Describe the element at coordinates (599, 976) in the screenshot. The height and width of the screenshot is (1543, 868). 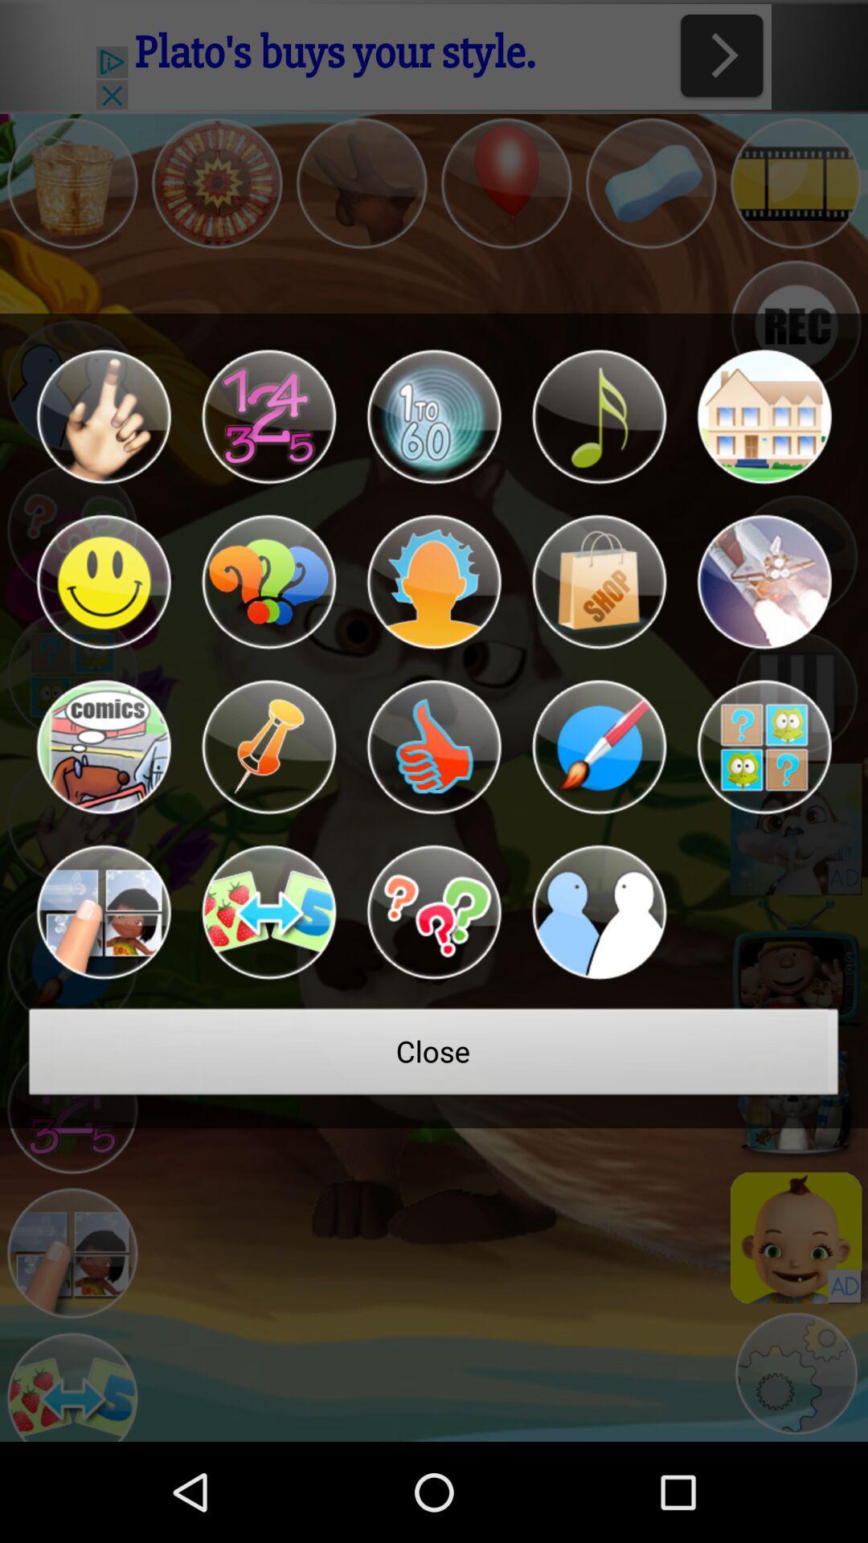
I see `the group icon` at that location.